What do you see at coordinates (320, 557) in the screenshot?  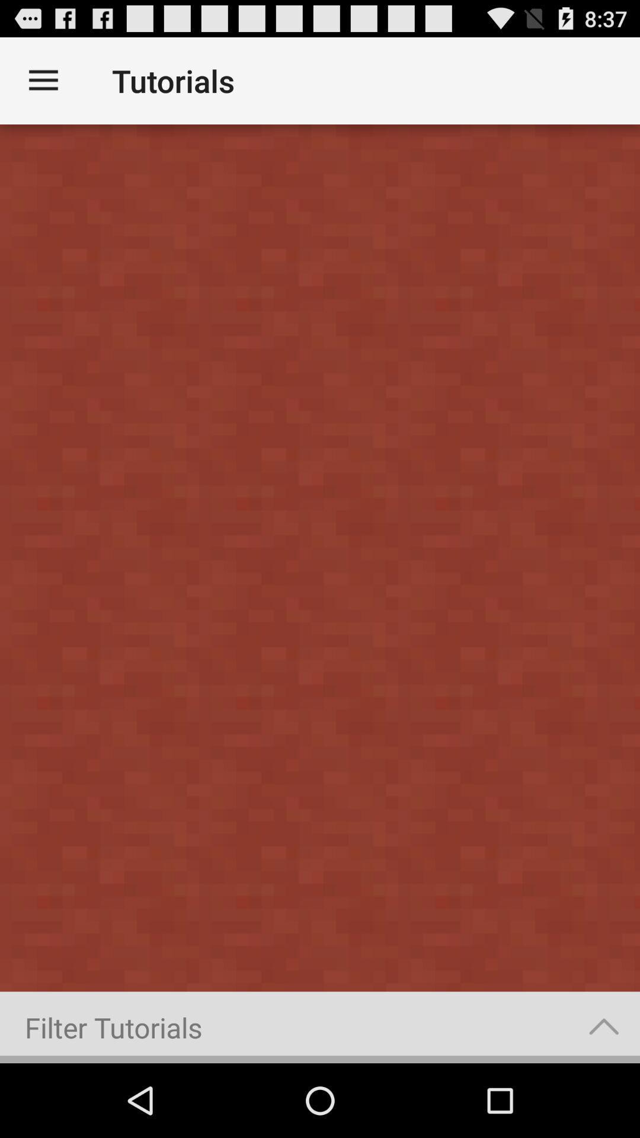 I see `item above the filter tutorials item` at bounding box center [320, 557].